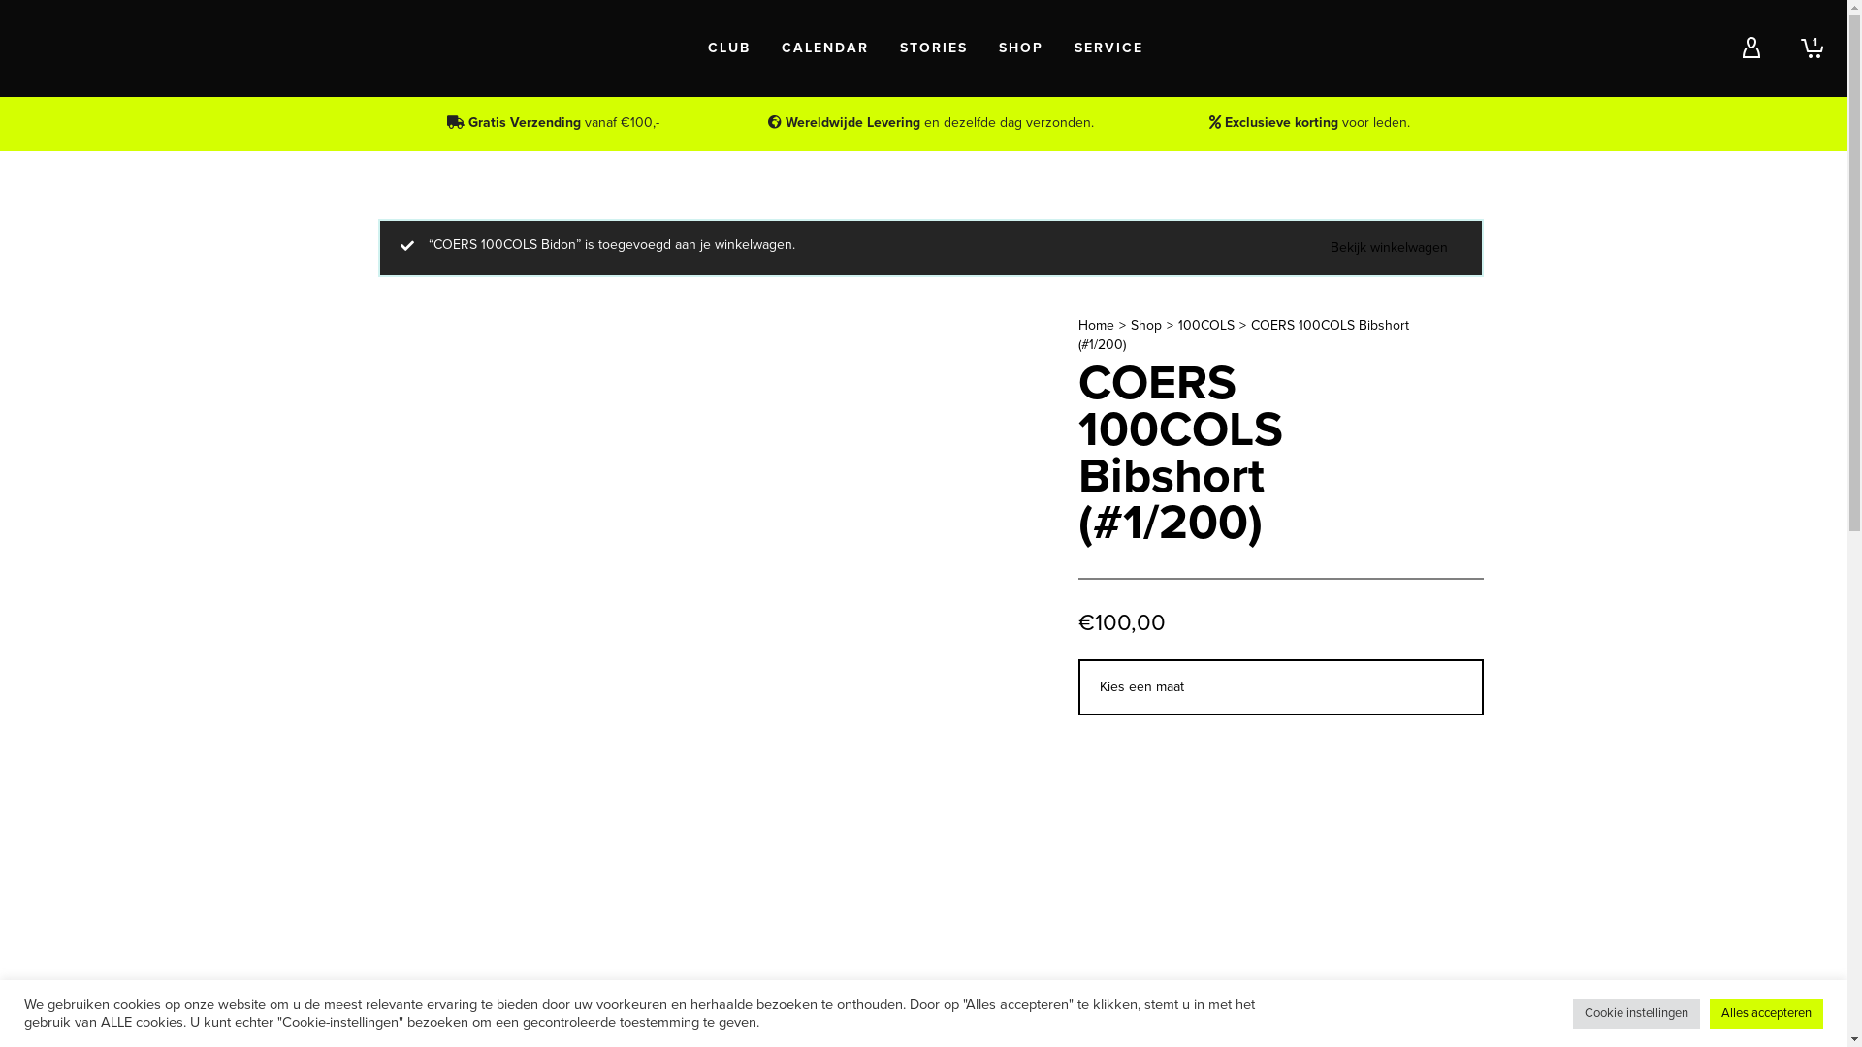 The image size is (1862, 1047). What do you see at coordinates (1108, 48) in the screenshot?
I see `'SERVICE'` at bounding box center [1108, 48].